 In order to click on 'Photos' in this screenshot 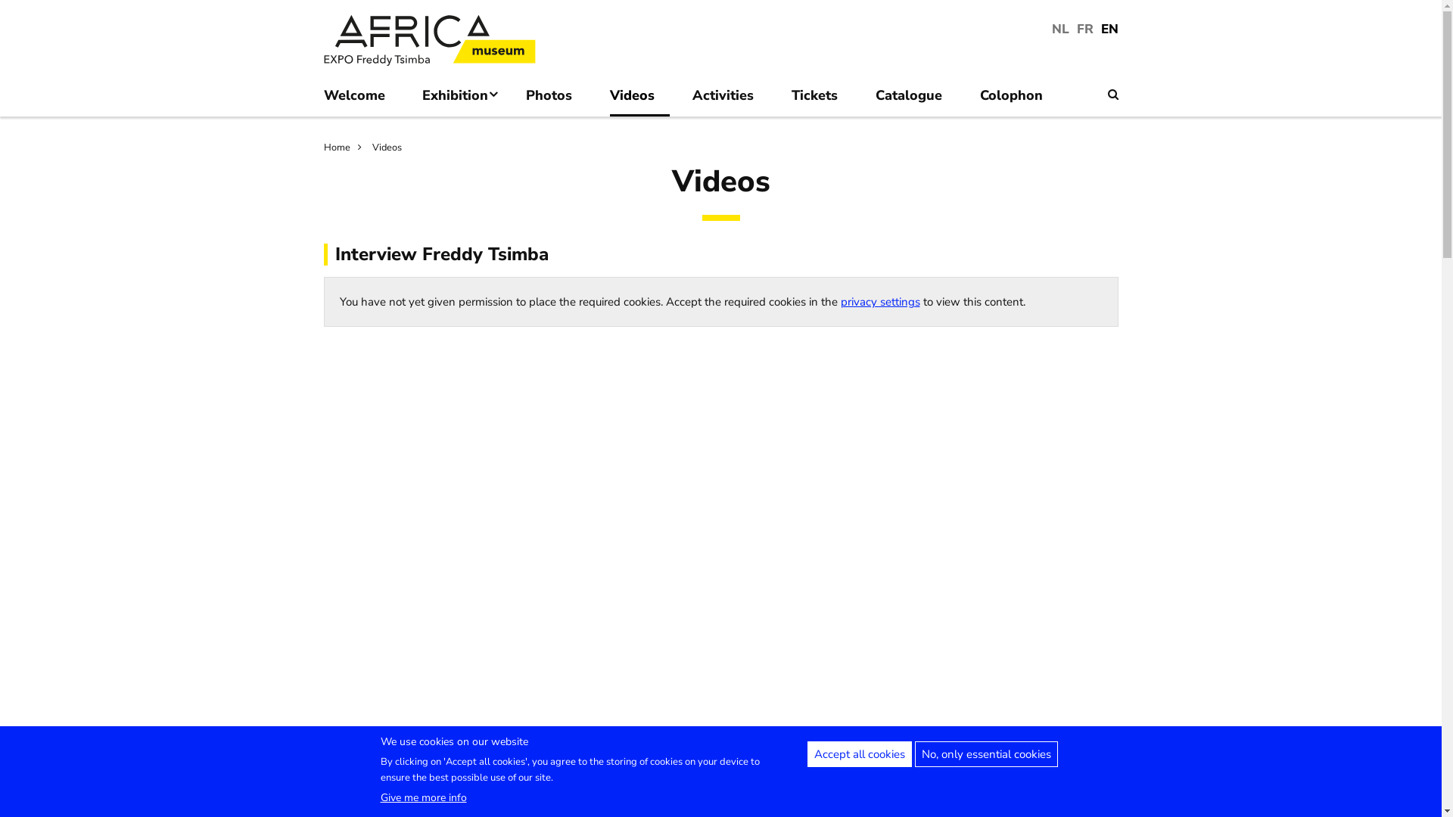, I will do `click(555, 99)`.